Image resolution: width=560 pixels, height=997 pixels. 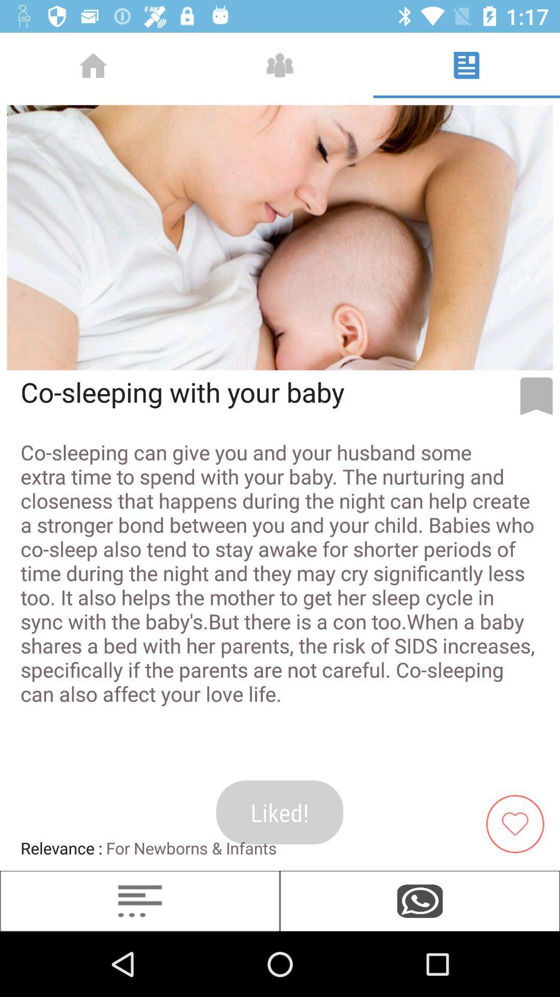 What do you see at coordinates (519, 823) in the screenshot?
I see `tag item as liked` at bounding box center [519, 823].